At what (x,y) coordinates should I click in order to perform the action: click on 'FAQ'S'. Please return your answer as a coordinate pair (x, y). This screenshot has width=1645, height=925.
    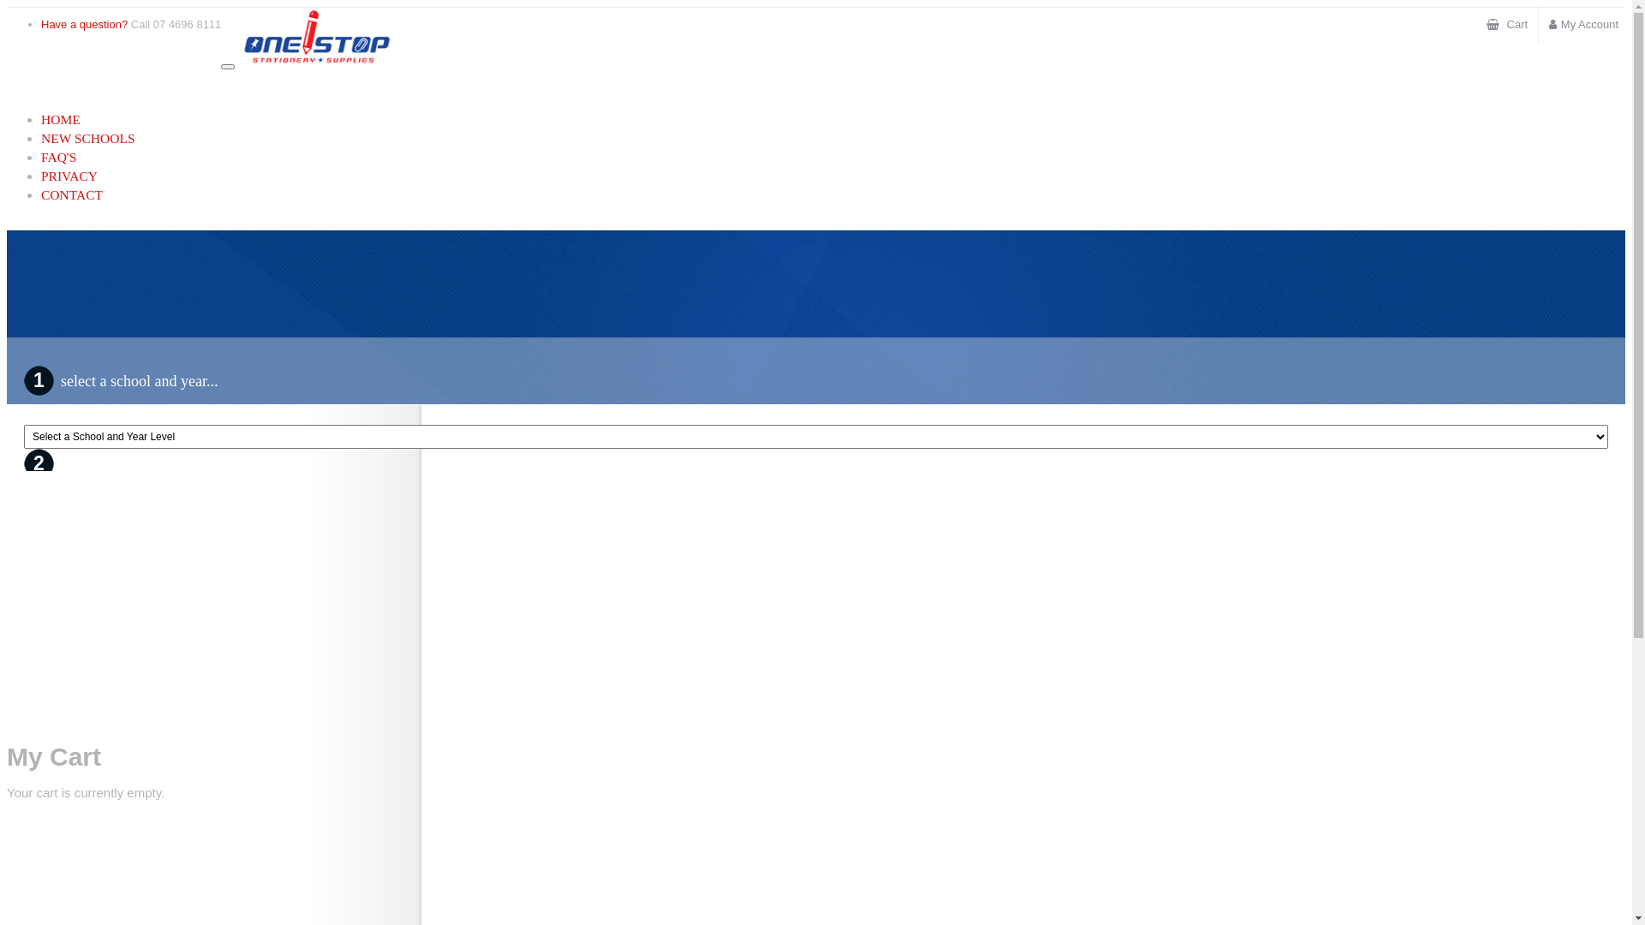
    Looking at the image, I should click on (58, 157).